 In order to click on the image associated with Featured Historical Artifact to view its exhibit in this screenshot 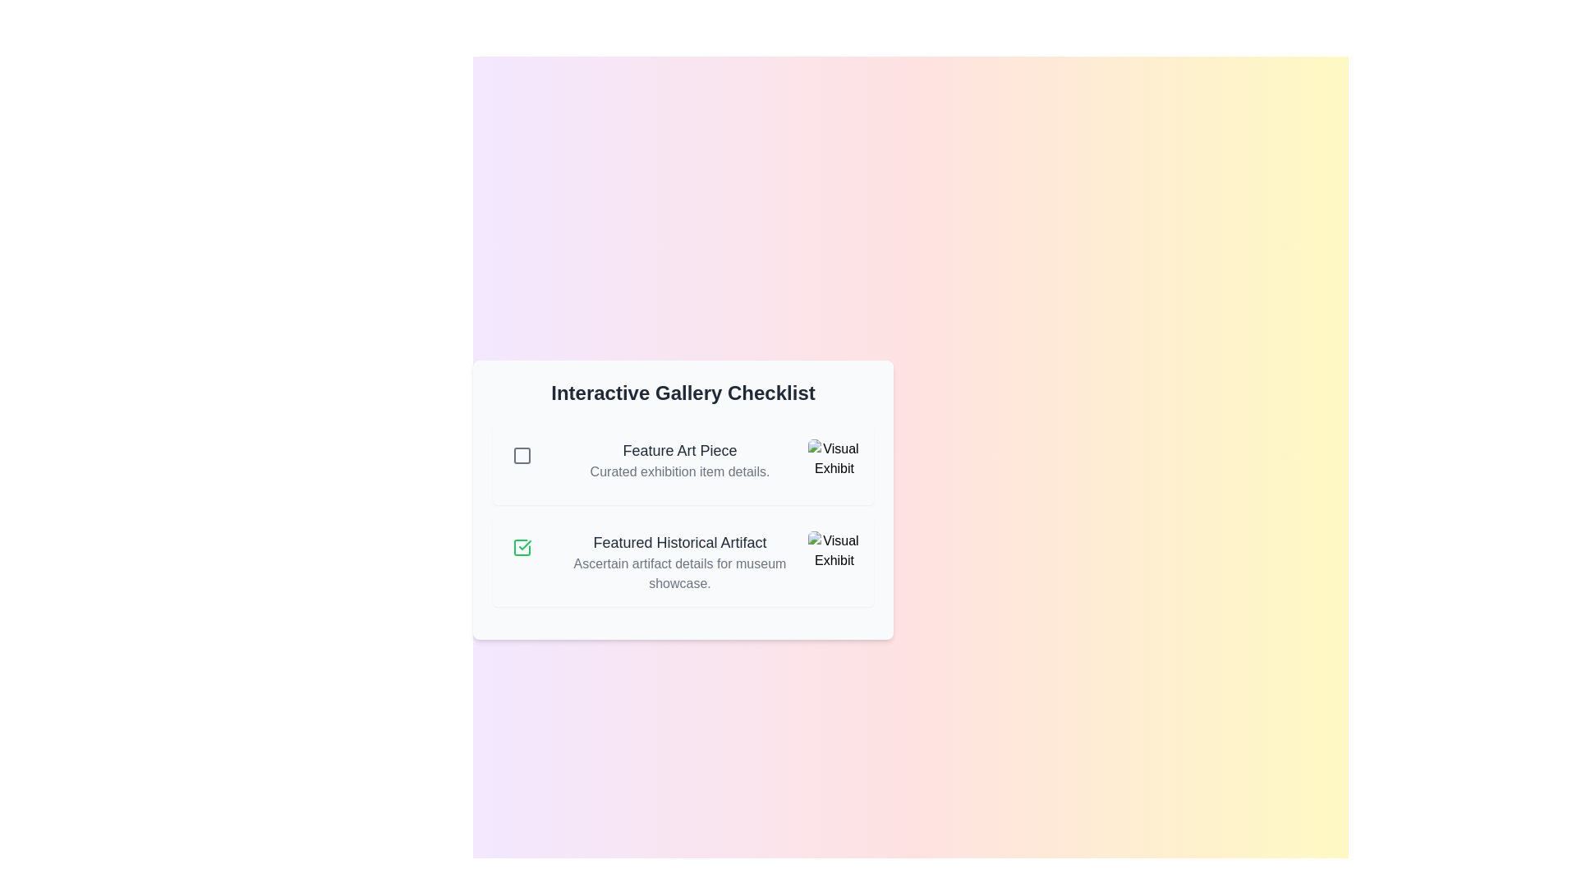, I will do `click(834, 556)`.